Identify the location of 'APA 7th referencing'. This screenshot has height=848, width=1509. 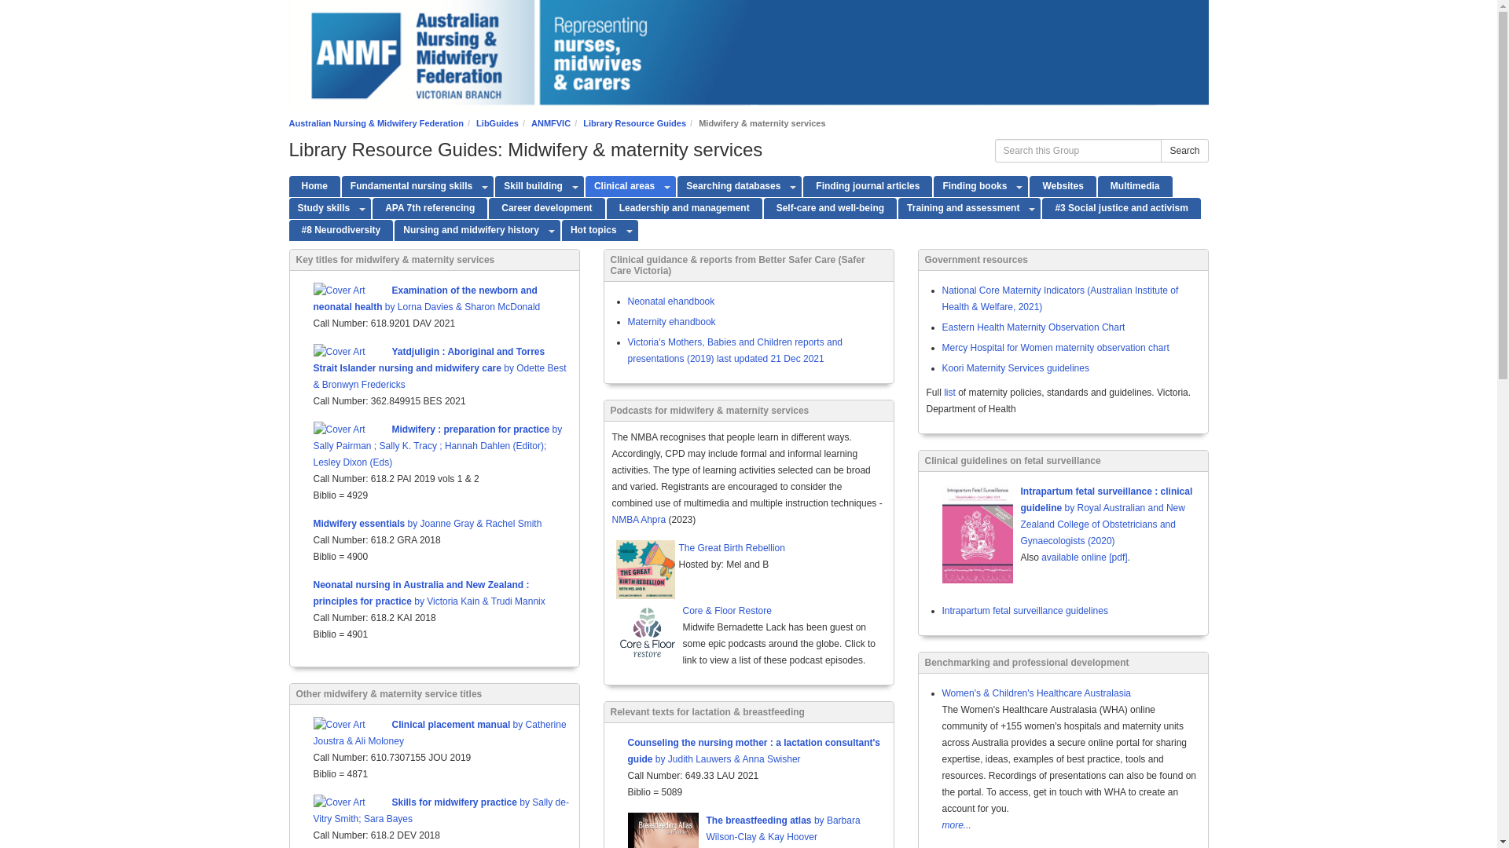
(372, 207).